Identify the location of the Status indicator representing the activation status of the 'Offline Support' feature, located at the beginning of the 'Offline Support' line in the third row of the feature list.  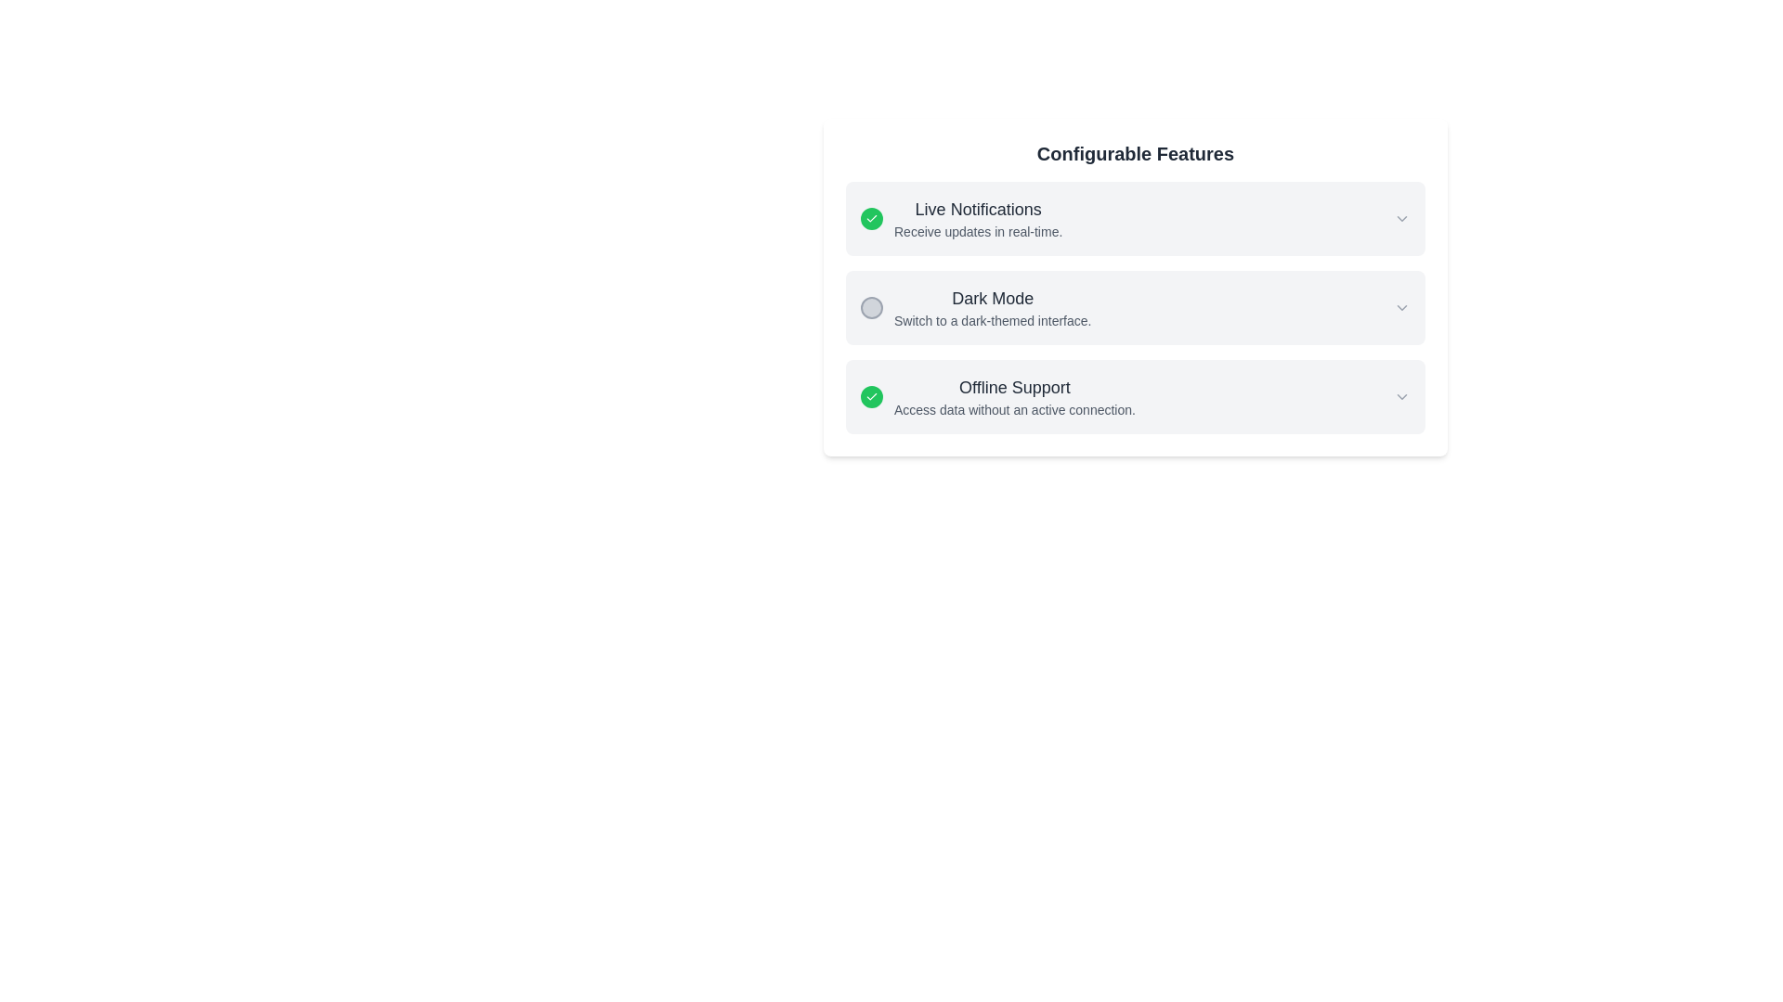
(871, 396).